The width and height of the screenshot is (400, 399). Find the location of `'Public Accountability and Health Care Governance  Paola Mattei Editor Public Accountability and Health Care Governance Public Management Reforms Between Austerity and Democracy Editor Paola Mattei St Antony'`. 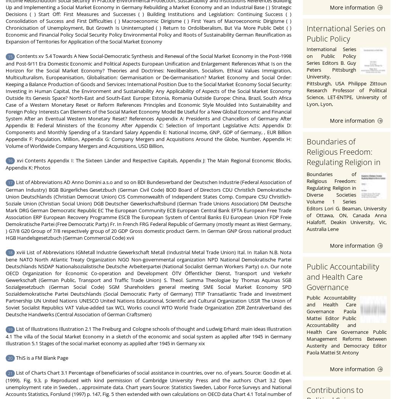

'Public Accountability and Health Care Governance  Paola Mattei Editor Public Accountability and Health Care Governance Public Management Reforms Between Austerity and Democracy Editor Paola Mattei St Antony' is located at coordinates (347, 325).